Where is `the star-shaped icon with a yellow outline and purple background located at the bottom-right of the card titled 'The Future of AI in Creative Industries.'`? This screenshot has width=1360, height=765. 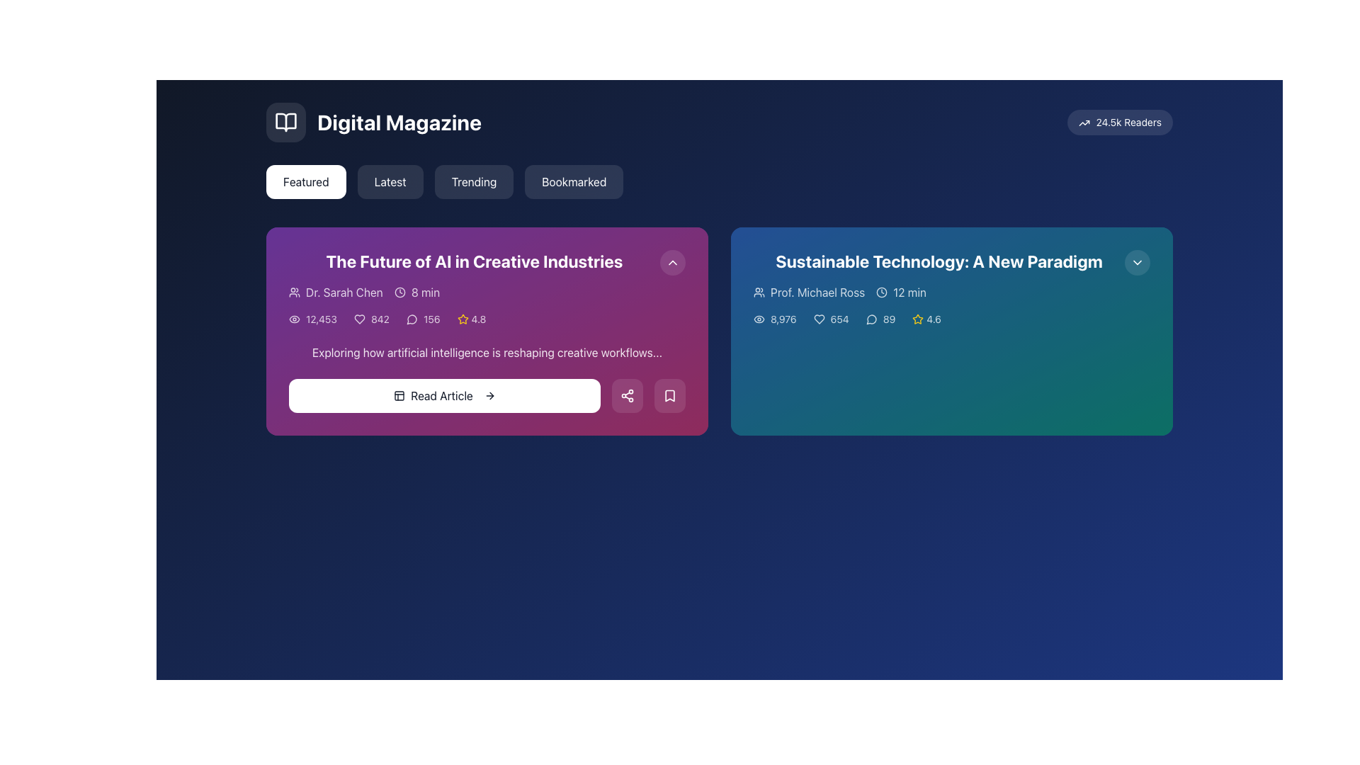 the star-shaped icon with a yellow outline and purple background located at the bottom-right of the card titled 'The Future of AI in Creative Industries.' is located at coordinates (463, 319).